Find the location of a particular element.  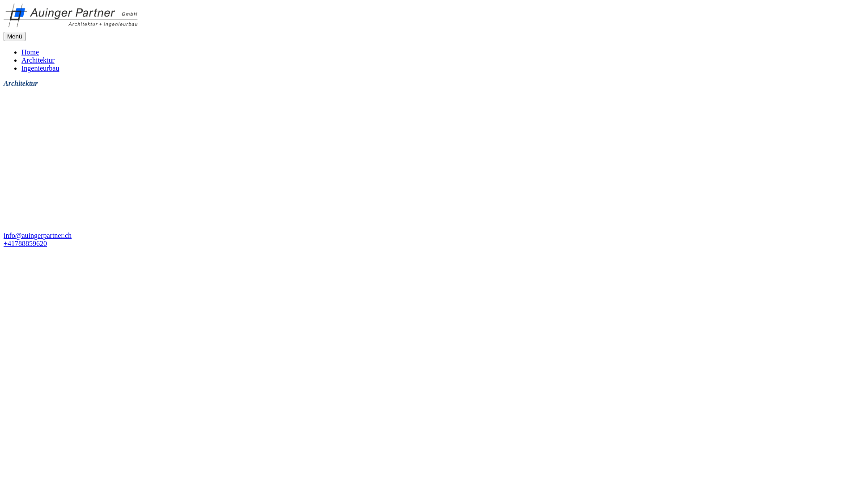

'Ingenieurbau' is located at coordinates (21, 68).